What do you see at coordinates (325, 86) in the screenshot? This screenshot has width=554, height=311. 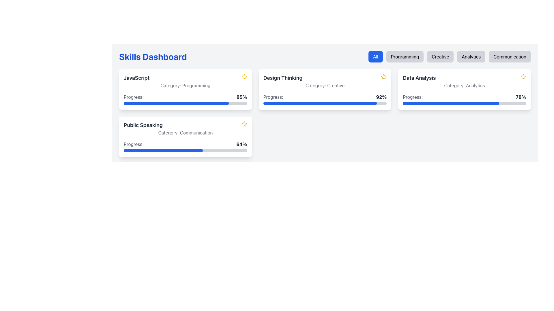 I see `the static text label displaying 'Category: Creative', which is centrally aligned within the white card of the 'Design Thinking' section on the dashboard` at bounding box center [325, 86].